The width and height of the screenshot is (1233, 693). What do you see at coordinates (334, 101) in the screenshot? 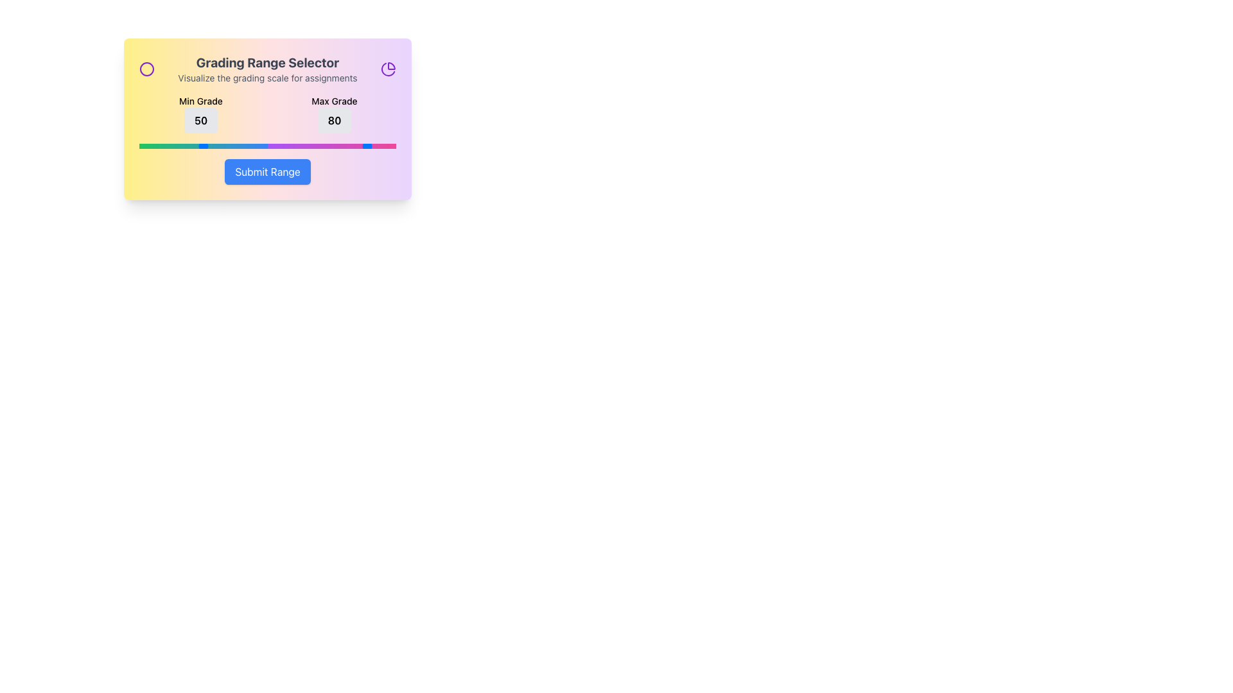
I see `the 'Max Grade' text label that is centered above the numerical box displaying '80' in the top-right portion of the 'Grading Range Selector' interactive card` at bounding box center [334, 101].